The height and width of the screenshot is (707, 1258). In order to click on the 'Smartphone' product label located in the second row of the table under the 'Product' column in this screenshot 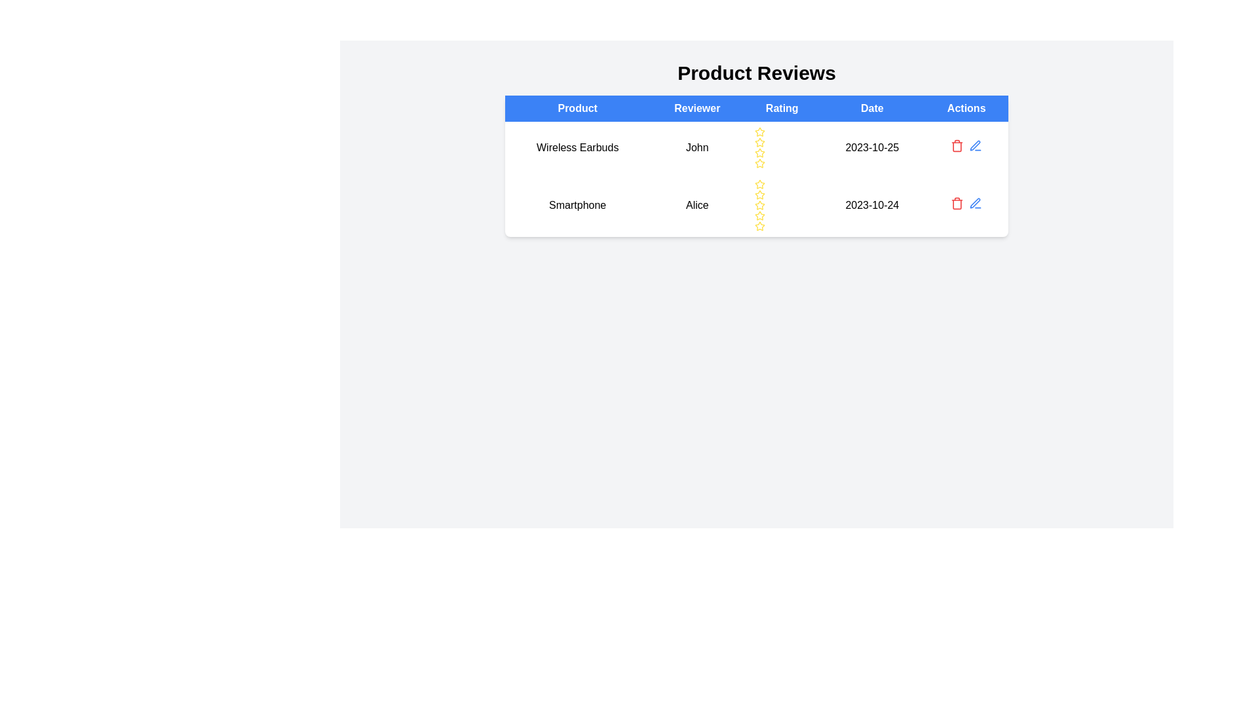, I will do `click(577, 205)`.